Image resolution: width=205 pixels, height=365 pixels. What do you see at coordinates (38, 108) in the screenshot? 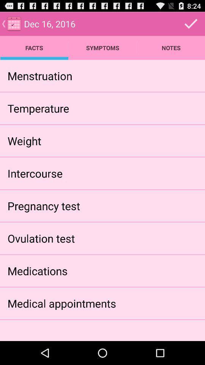
I see `item below the menstruation app` at bounding box center [38, 108].